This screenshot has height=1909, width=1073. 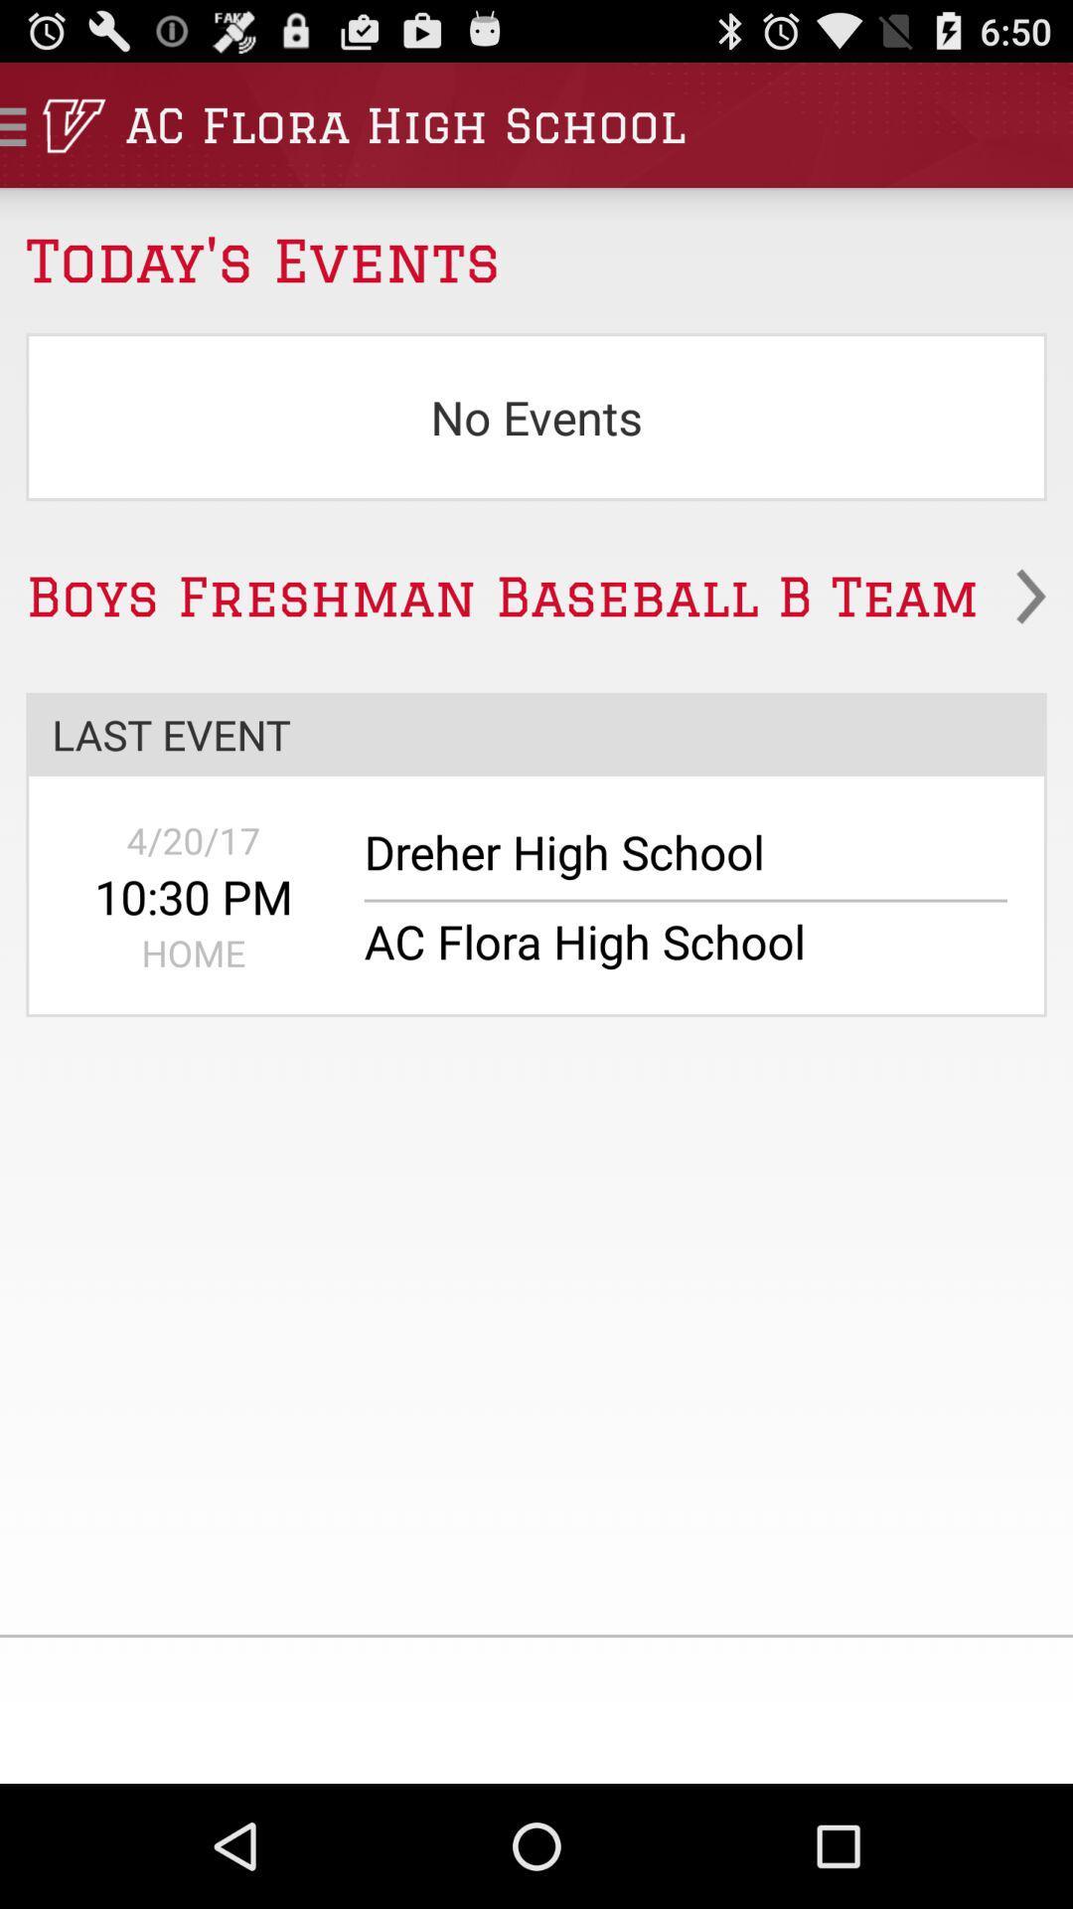 I want to click on the icon above the 10:30 pm app, so click(x=194, y=840).